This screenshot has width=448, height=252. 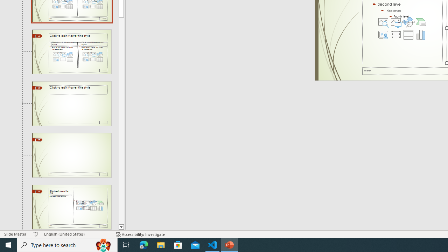 I want to click on 'Insert Video', so click(x=395, y=35).